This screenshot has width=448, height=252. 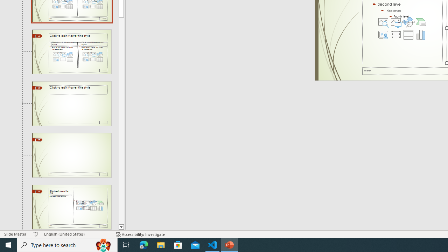 I want to click on 'Insert Video', so click(x=395, y=35).